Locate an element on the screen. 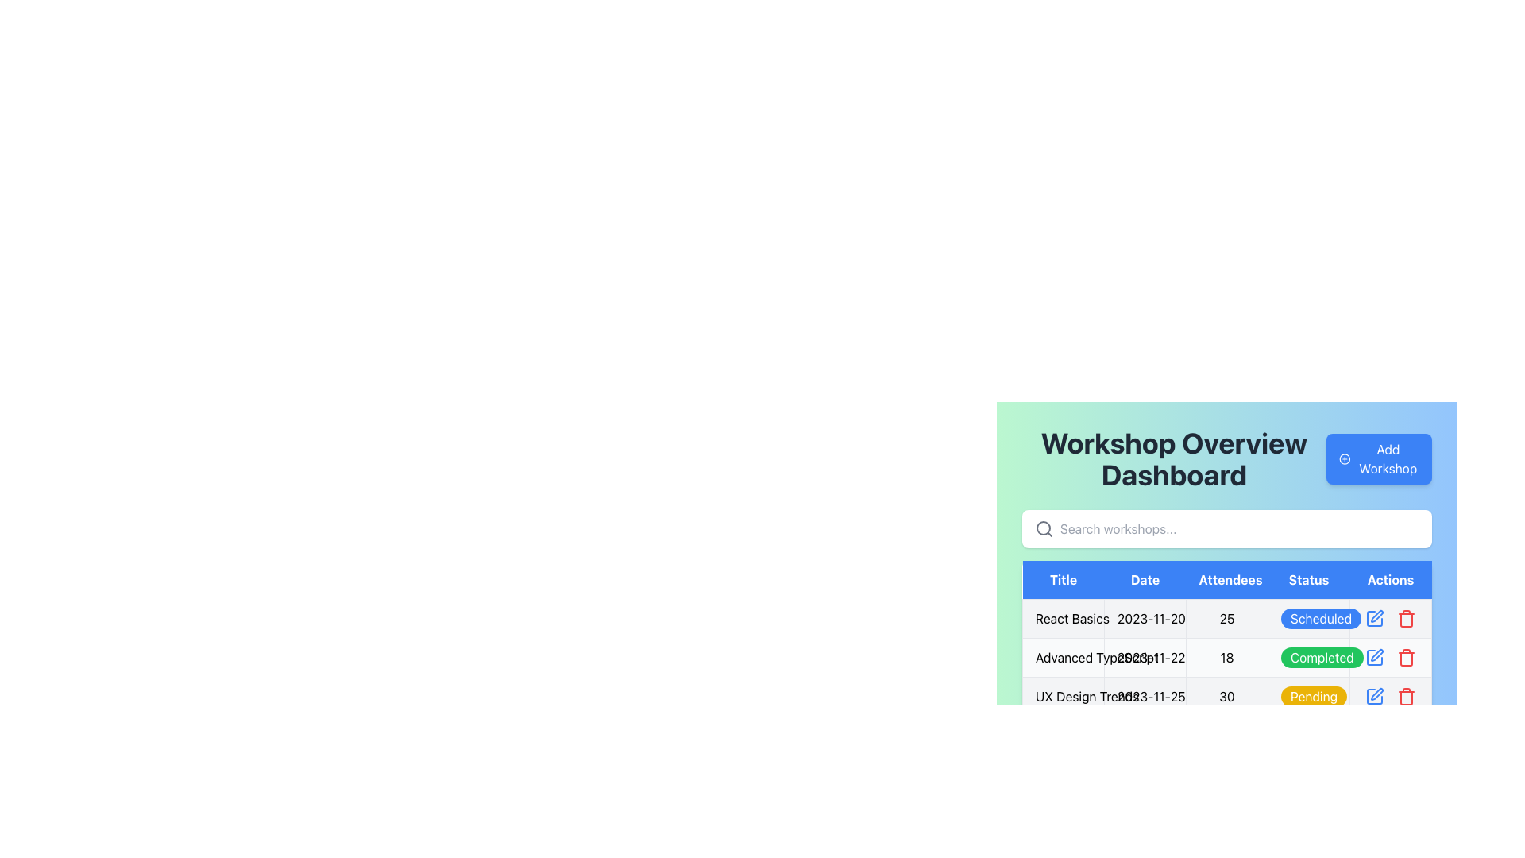 Image resolution: width=1525 pixels, height=858 pixels. text within the Table Row element that displays 'UX Design Trends', '2023-11-25', '30', and 'Pending' is located at coordinates (1226, 695).